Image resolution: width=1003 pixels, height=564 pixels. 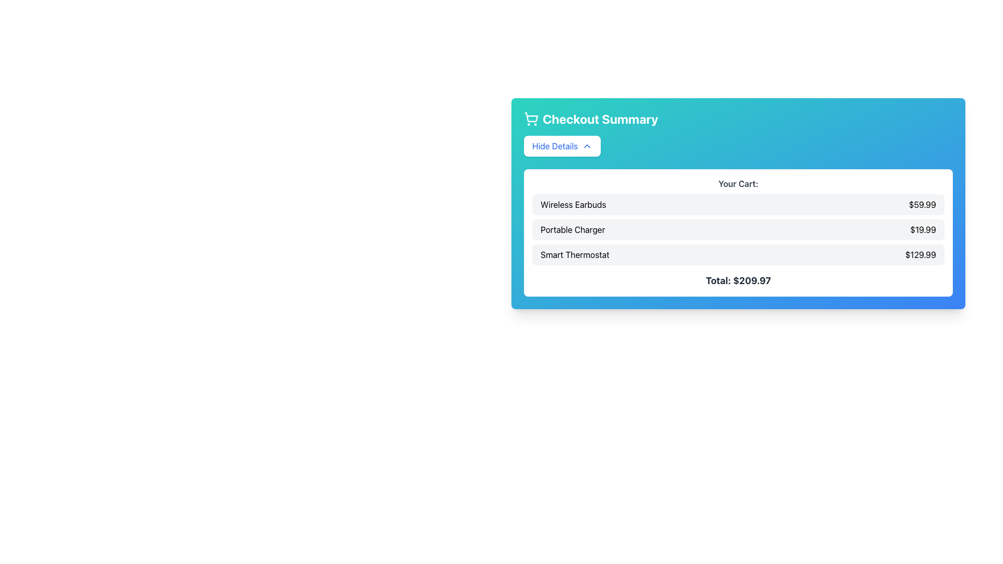 What do you see at coordinates (923, 205) in the screenshot?
I see `the static text displaying the price '$59.99' located in the rightmost section of the checkout list, adjacent to 'Wireless Earbuds'` at bounding box center [923, 205].